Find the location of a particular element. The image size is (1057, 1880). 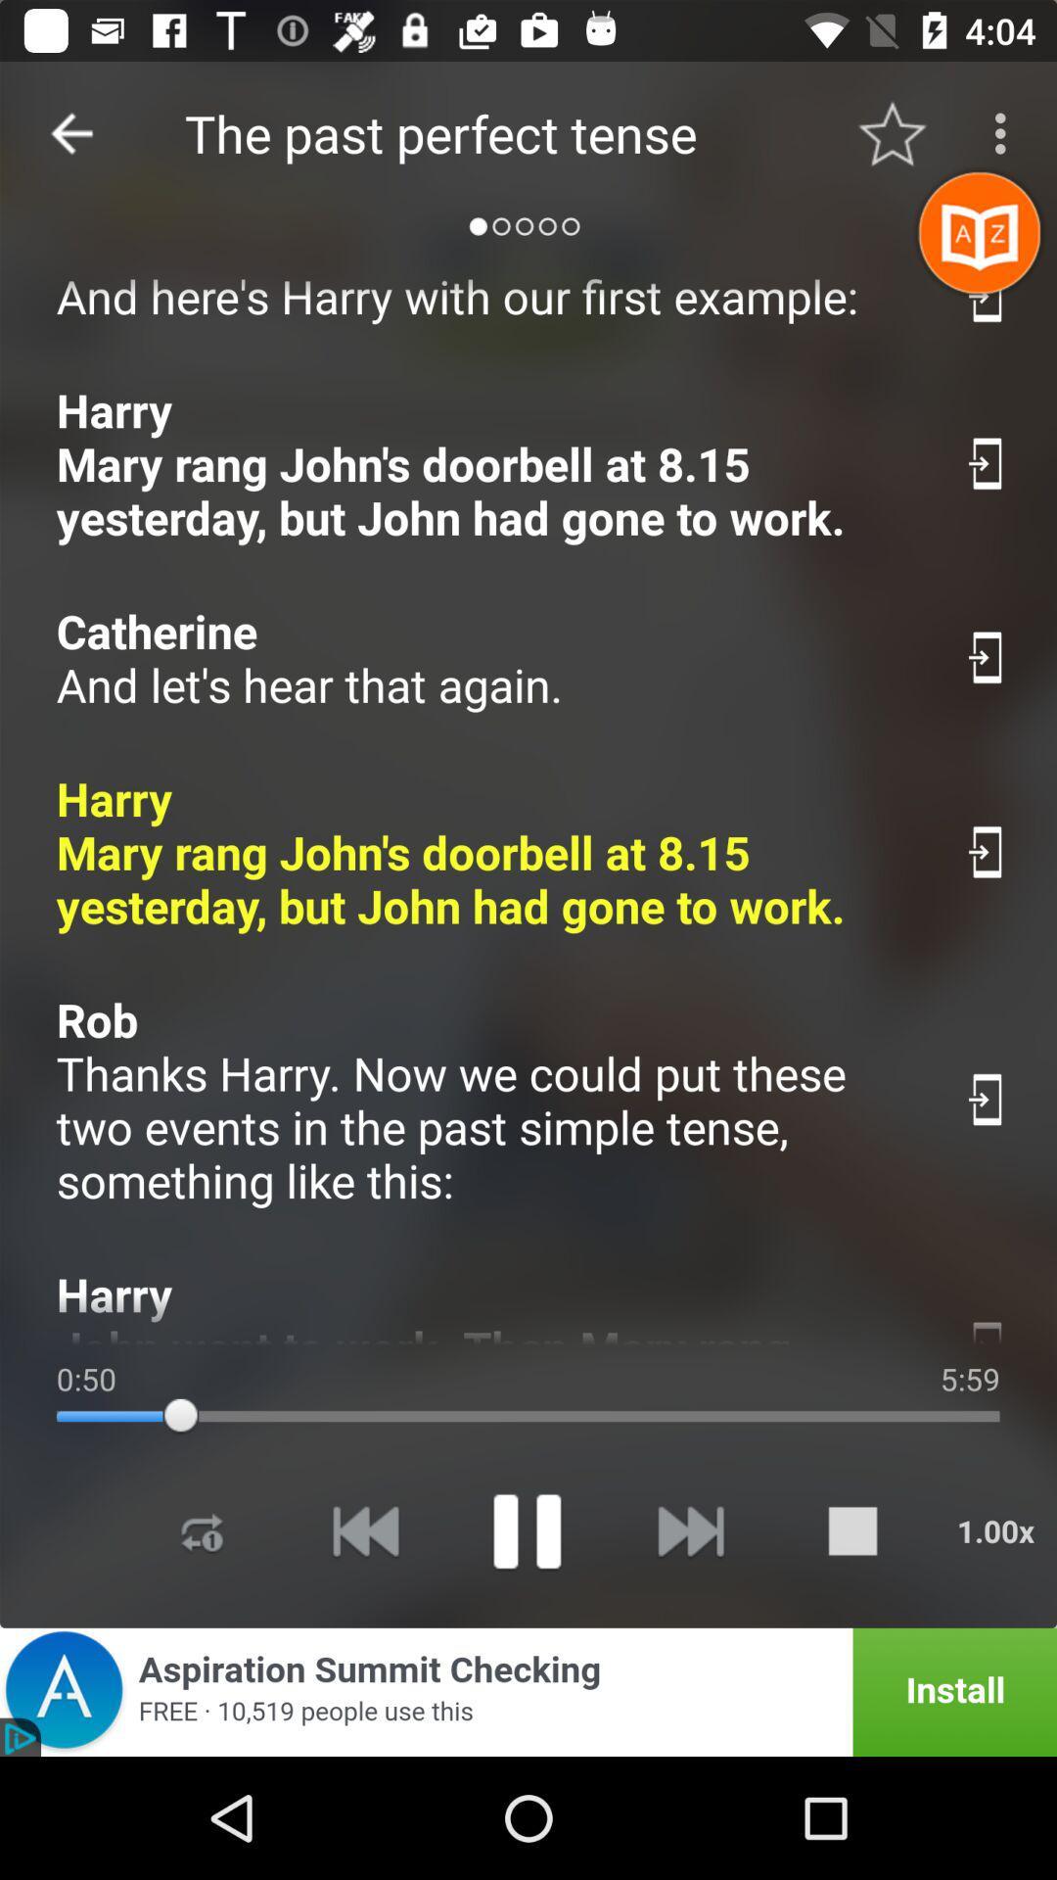

it advances to the next audio track is located at coordinates (689, 1529).